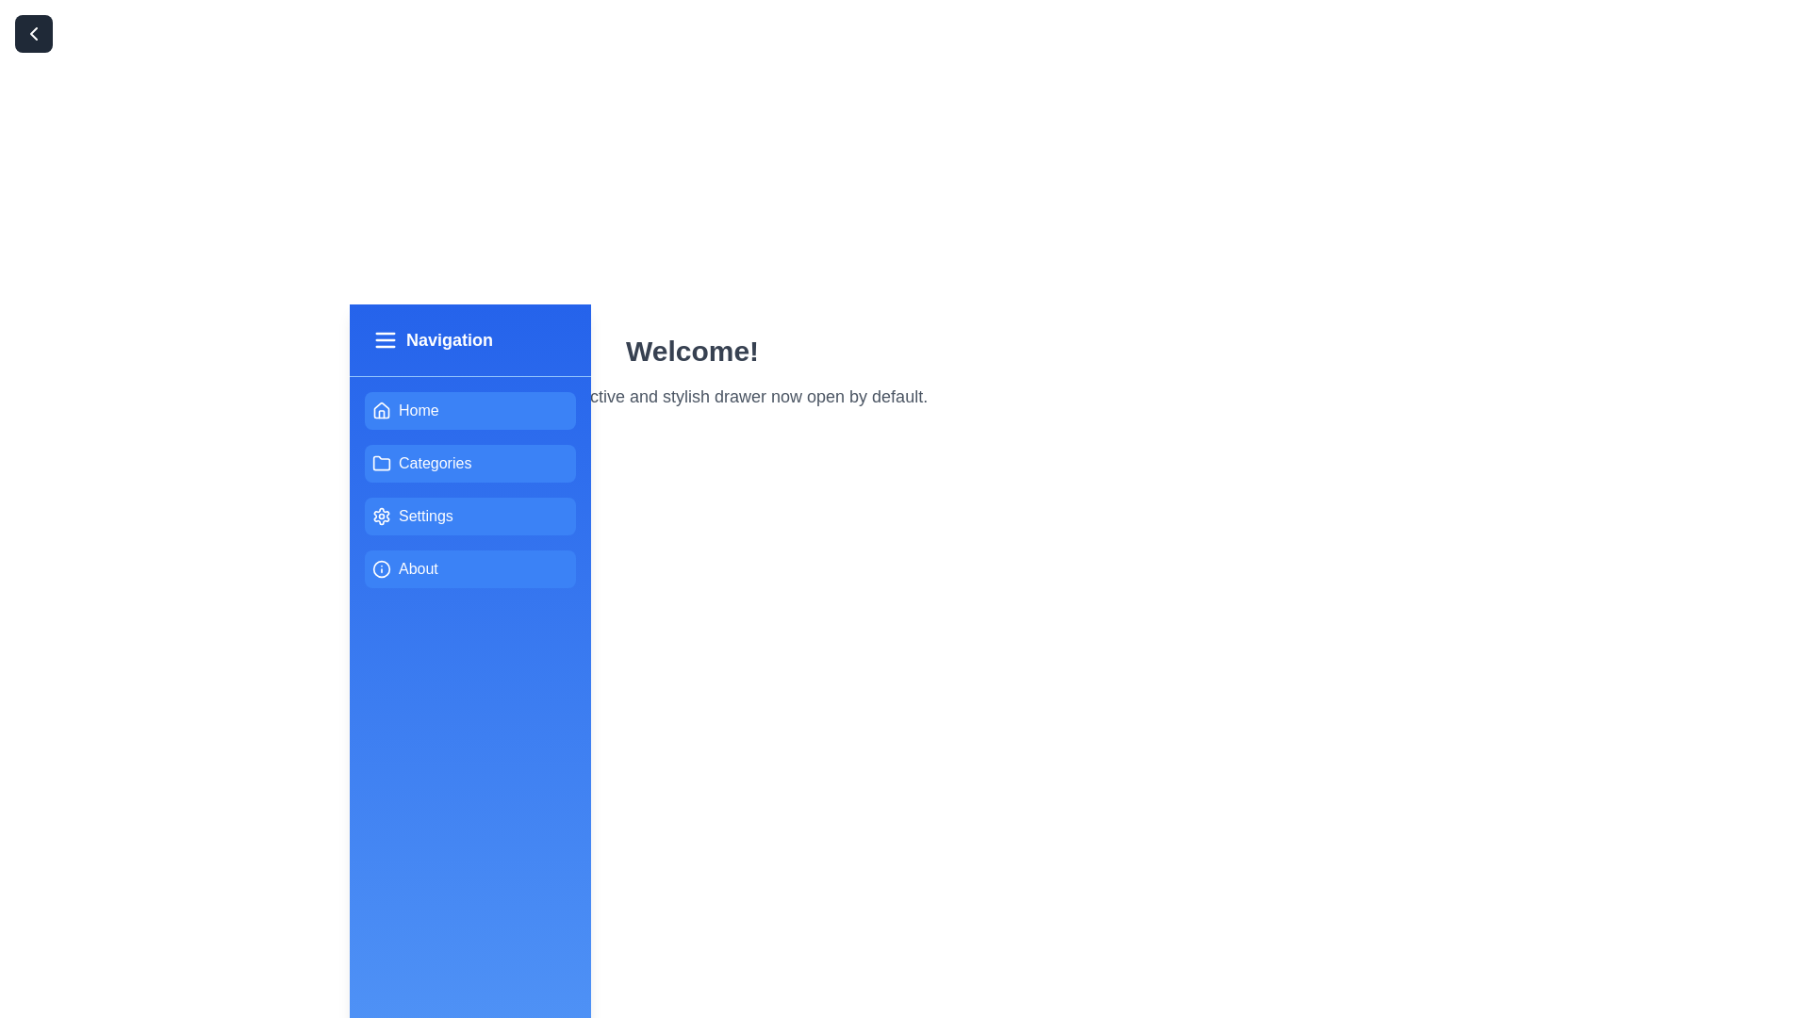 This screenshot has width=1810, height=1018. Describe the element at coordinates (380, 516) in the screenshot. I see `the gear-shaped icon in the sidebar under the Settings button` at that location.